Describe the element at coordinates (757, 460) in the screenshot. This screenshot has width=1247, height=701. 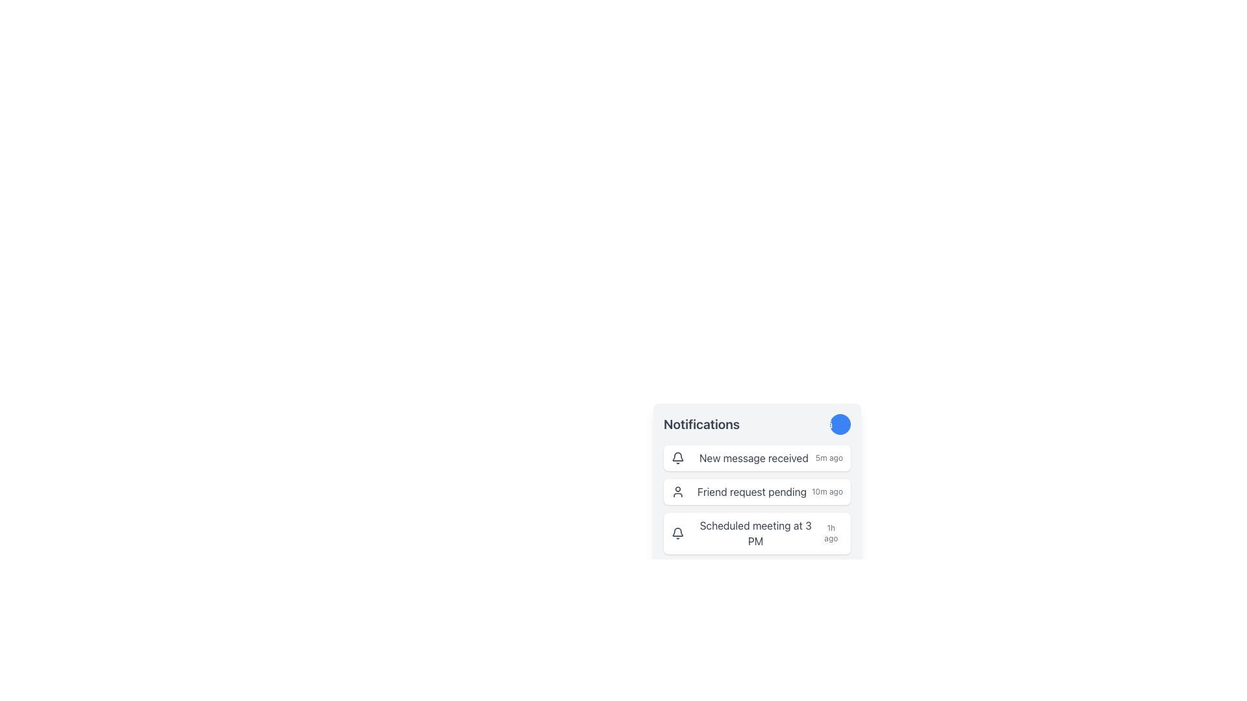
I see `individual items within the notification panel` at that location.